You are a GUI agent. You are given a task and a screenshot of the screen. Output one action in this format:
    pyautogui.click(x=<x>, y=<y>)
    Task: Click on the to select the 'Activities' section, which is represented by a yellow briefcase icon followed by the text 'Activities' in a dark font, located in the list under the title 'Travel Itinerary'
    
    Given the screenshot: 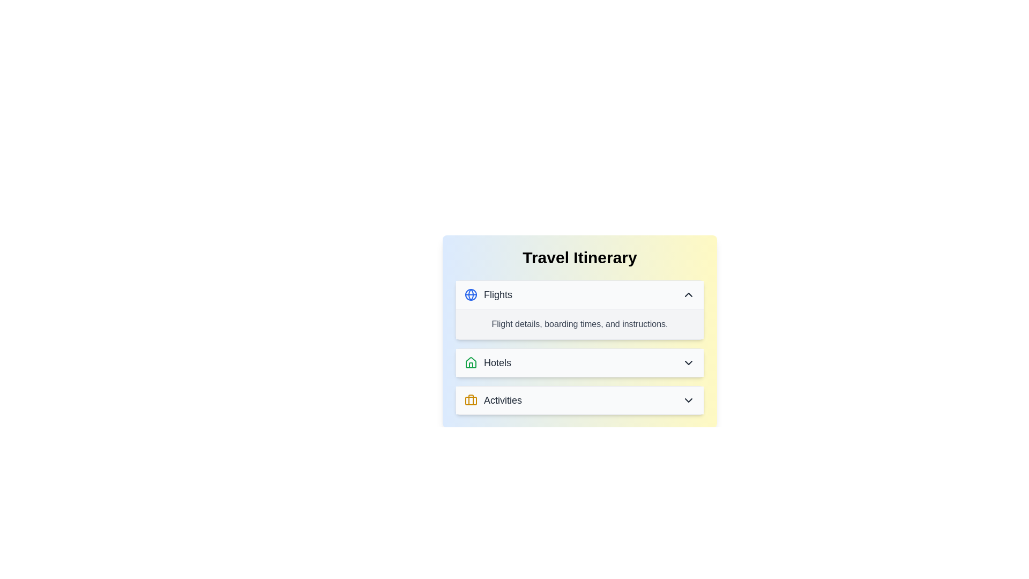 What is the action you would take?
    pyautogui.click(x=493, y=400)
    